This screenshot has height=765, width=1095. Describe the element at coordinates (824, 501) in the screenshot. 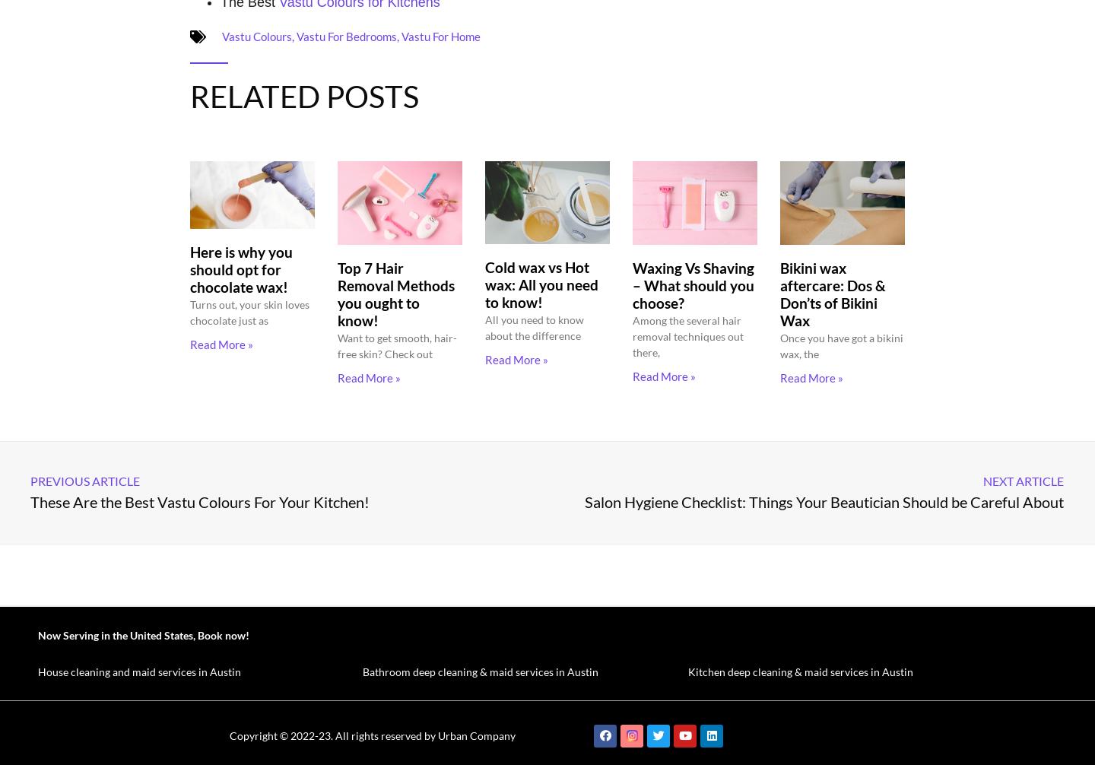

I see `'Salon Hygiene Checklist: Things Your Beautician Should be Careful About'` at that location.